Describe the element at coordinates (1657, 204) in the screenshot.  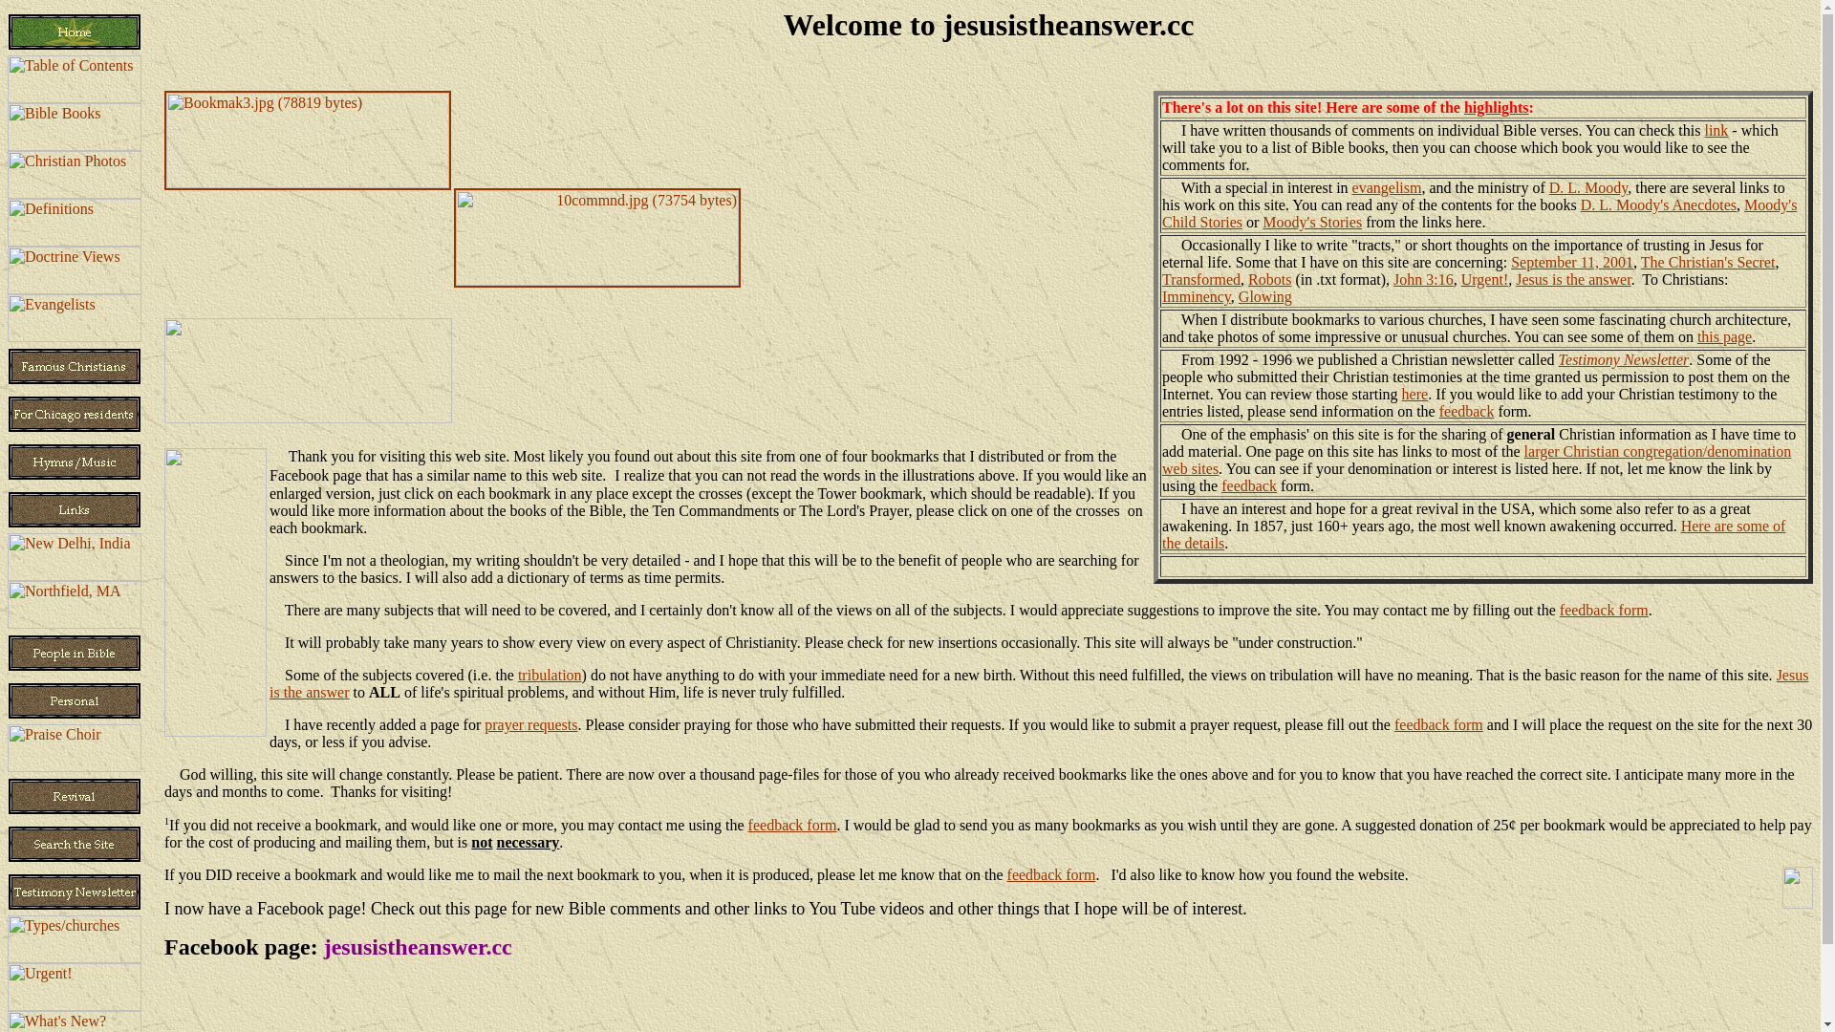
I see `'D. L. Moody's Anecdotes'` at that location.